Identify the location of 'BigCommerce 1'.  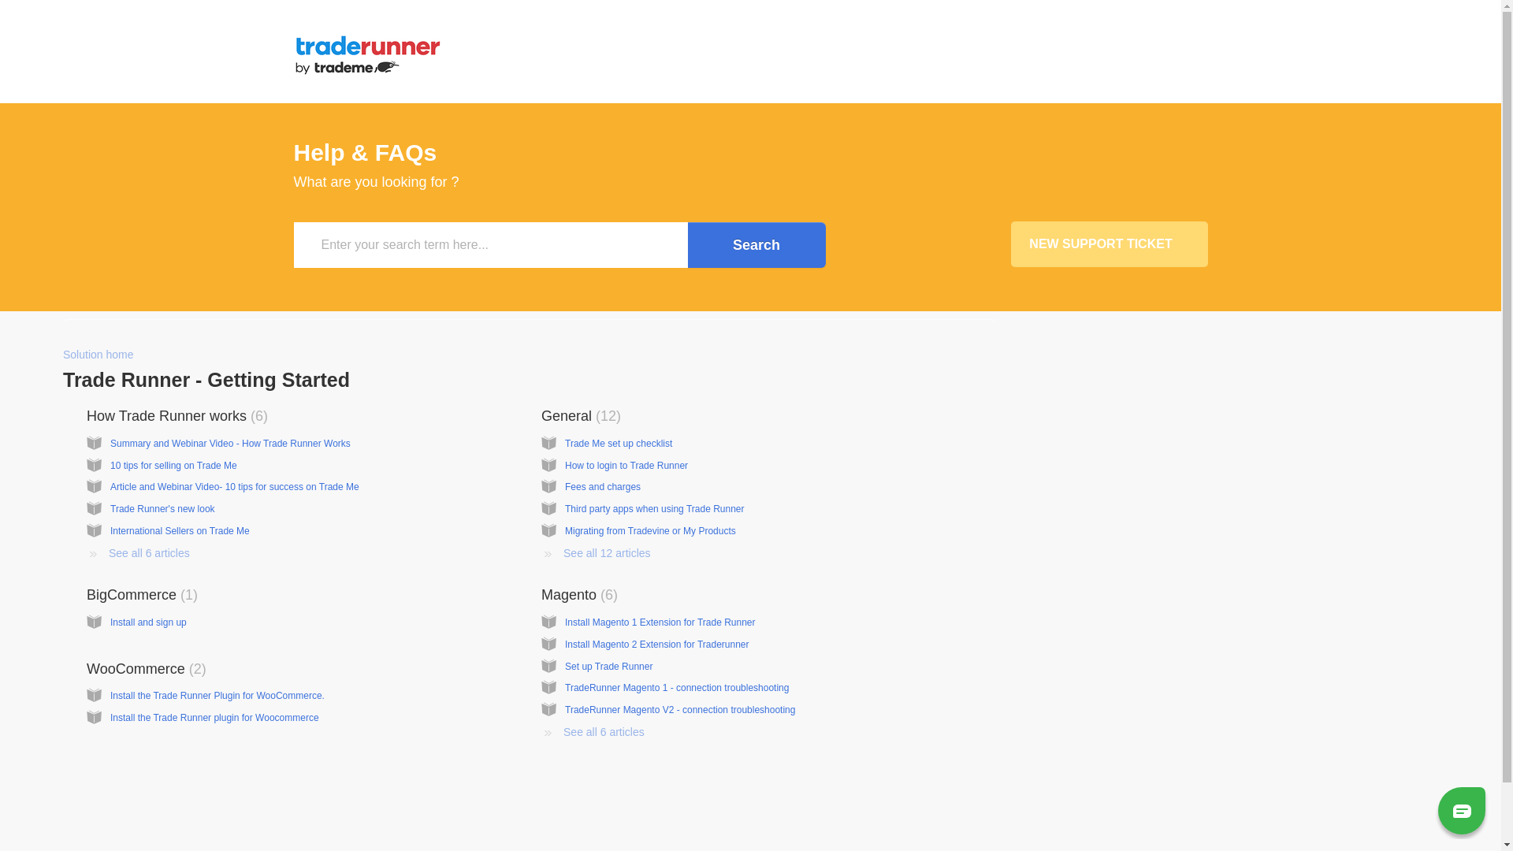
(86, 595).